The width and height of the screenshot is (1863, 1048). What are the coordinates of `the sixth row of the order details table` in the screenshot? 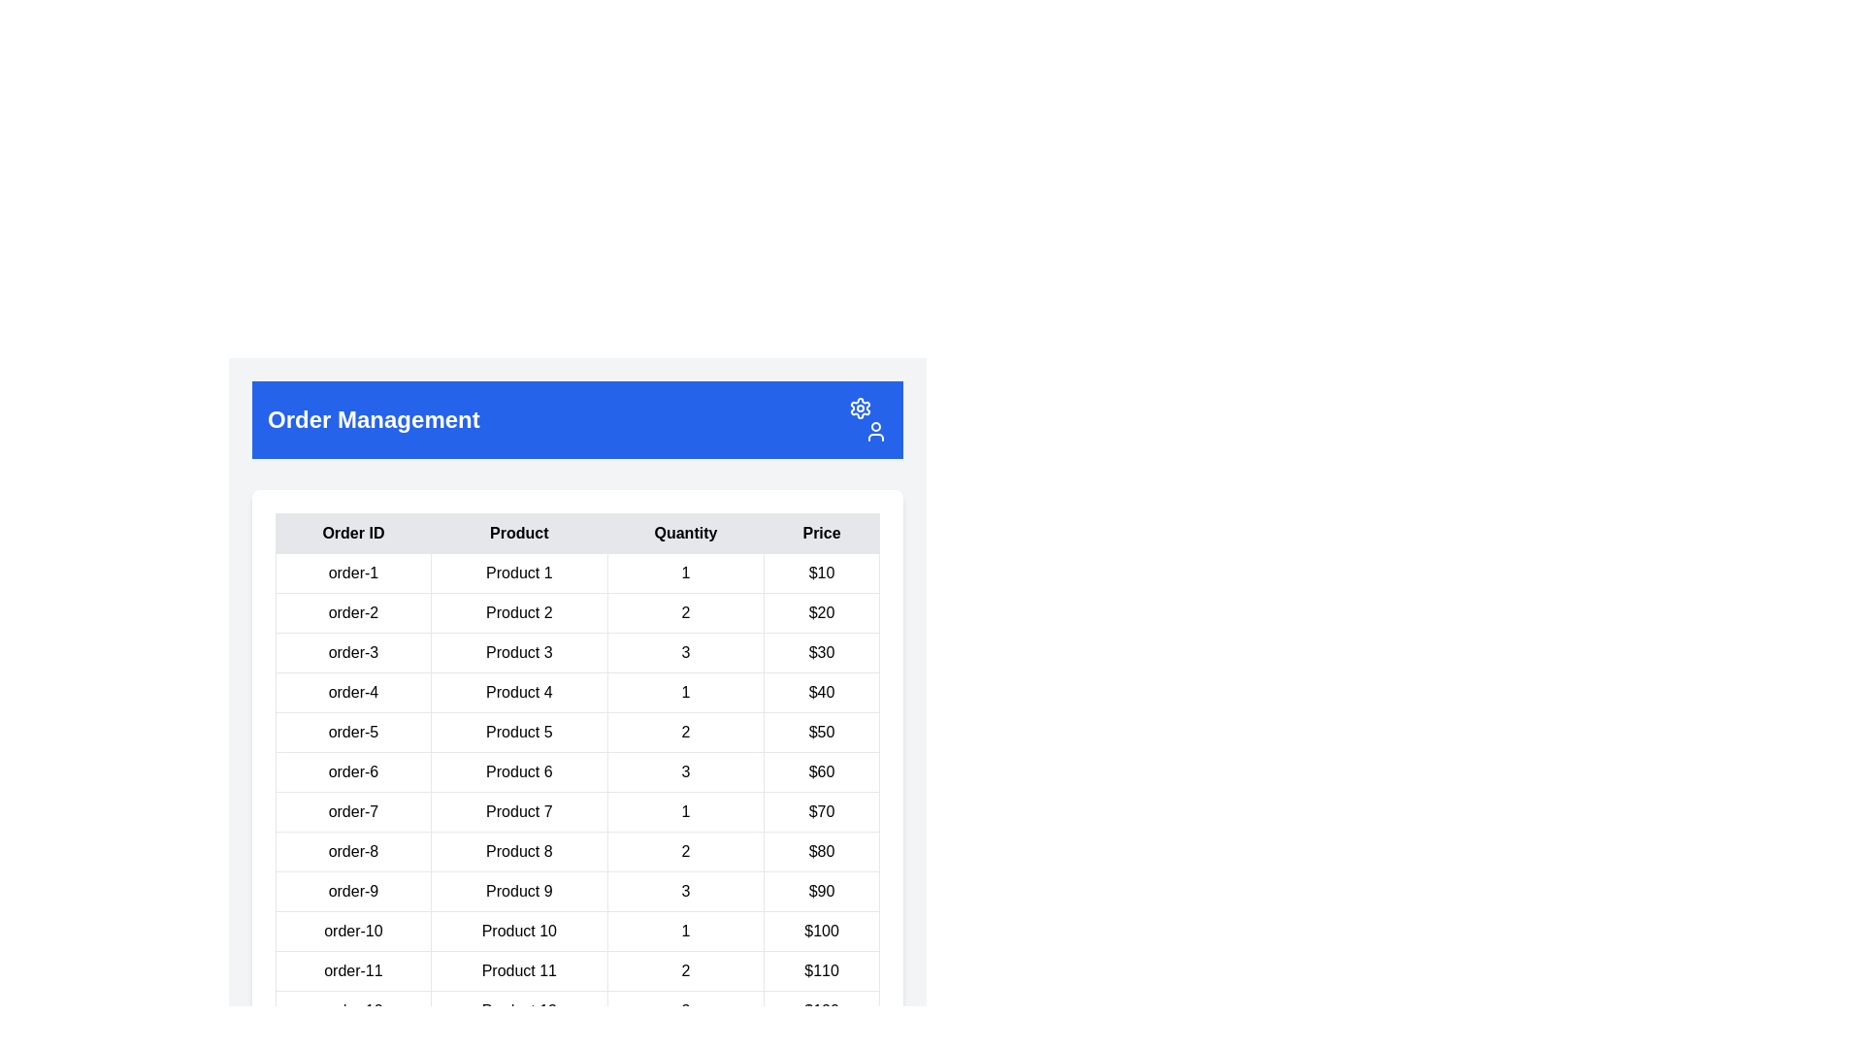 It's located at (576, 770).